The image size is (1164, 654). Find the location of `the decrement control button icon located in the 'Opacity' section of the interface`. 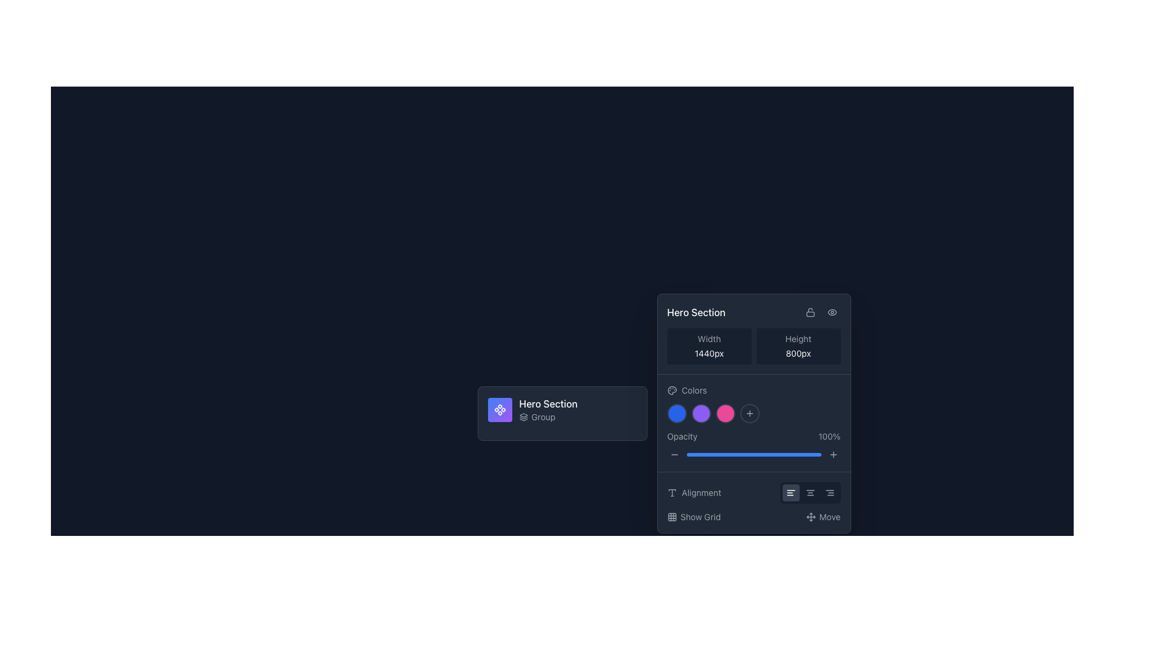

the decrement control button icon located in the 'Opacity' section of the interface is located at coordinates (674, 455).